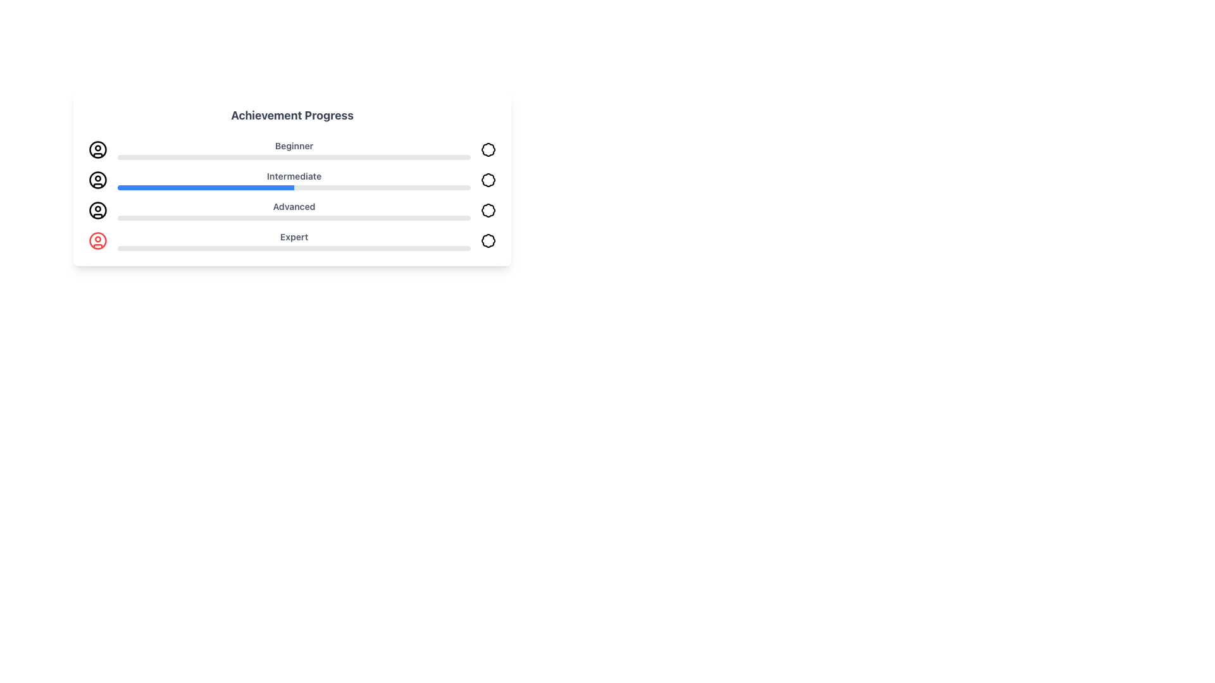  Describe the element at coordinates (291, 115) in the screenshot. I see `the 'Achievement Progress' text, which is styled in bold and dark gray, located at the top of the achievements panel` at that location.